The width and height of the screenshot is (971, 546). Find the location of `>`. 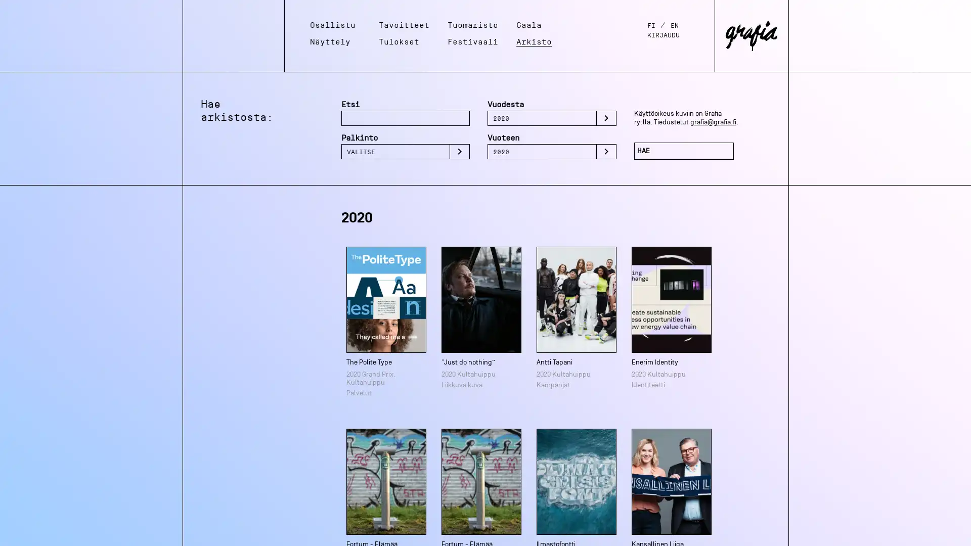

> is located at coordinates (459, 152).